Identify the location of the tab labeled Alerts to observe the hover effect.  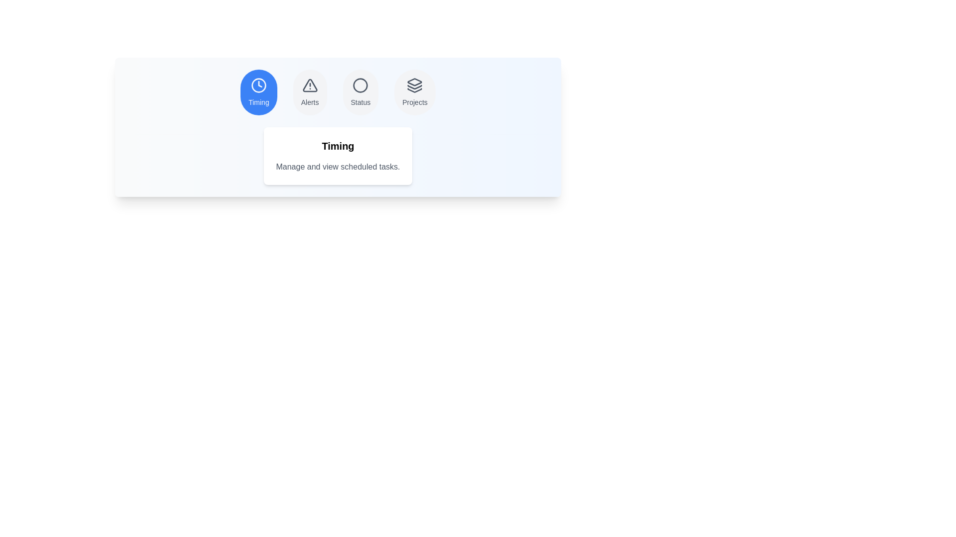
(309, 92).